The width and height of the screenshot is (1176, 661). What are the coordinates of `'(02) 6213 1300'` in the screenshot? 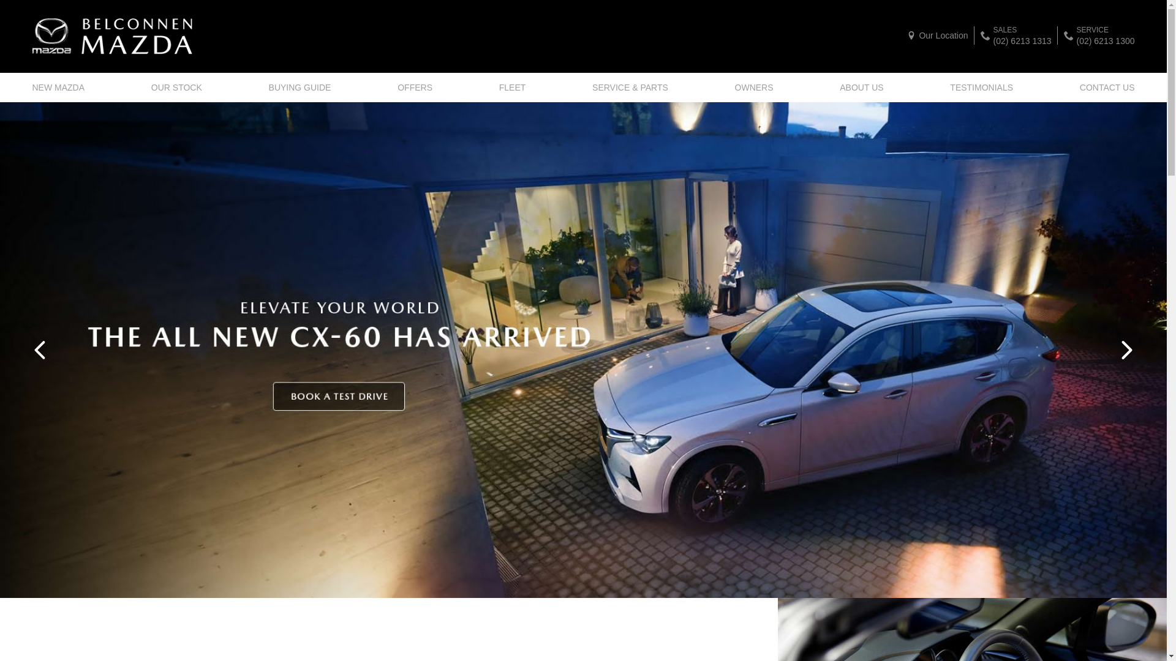 It's located at (1106, 39).